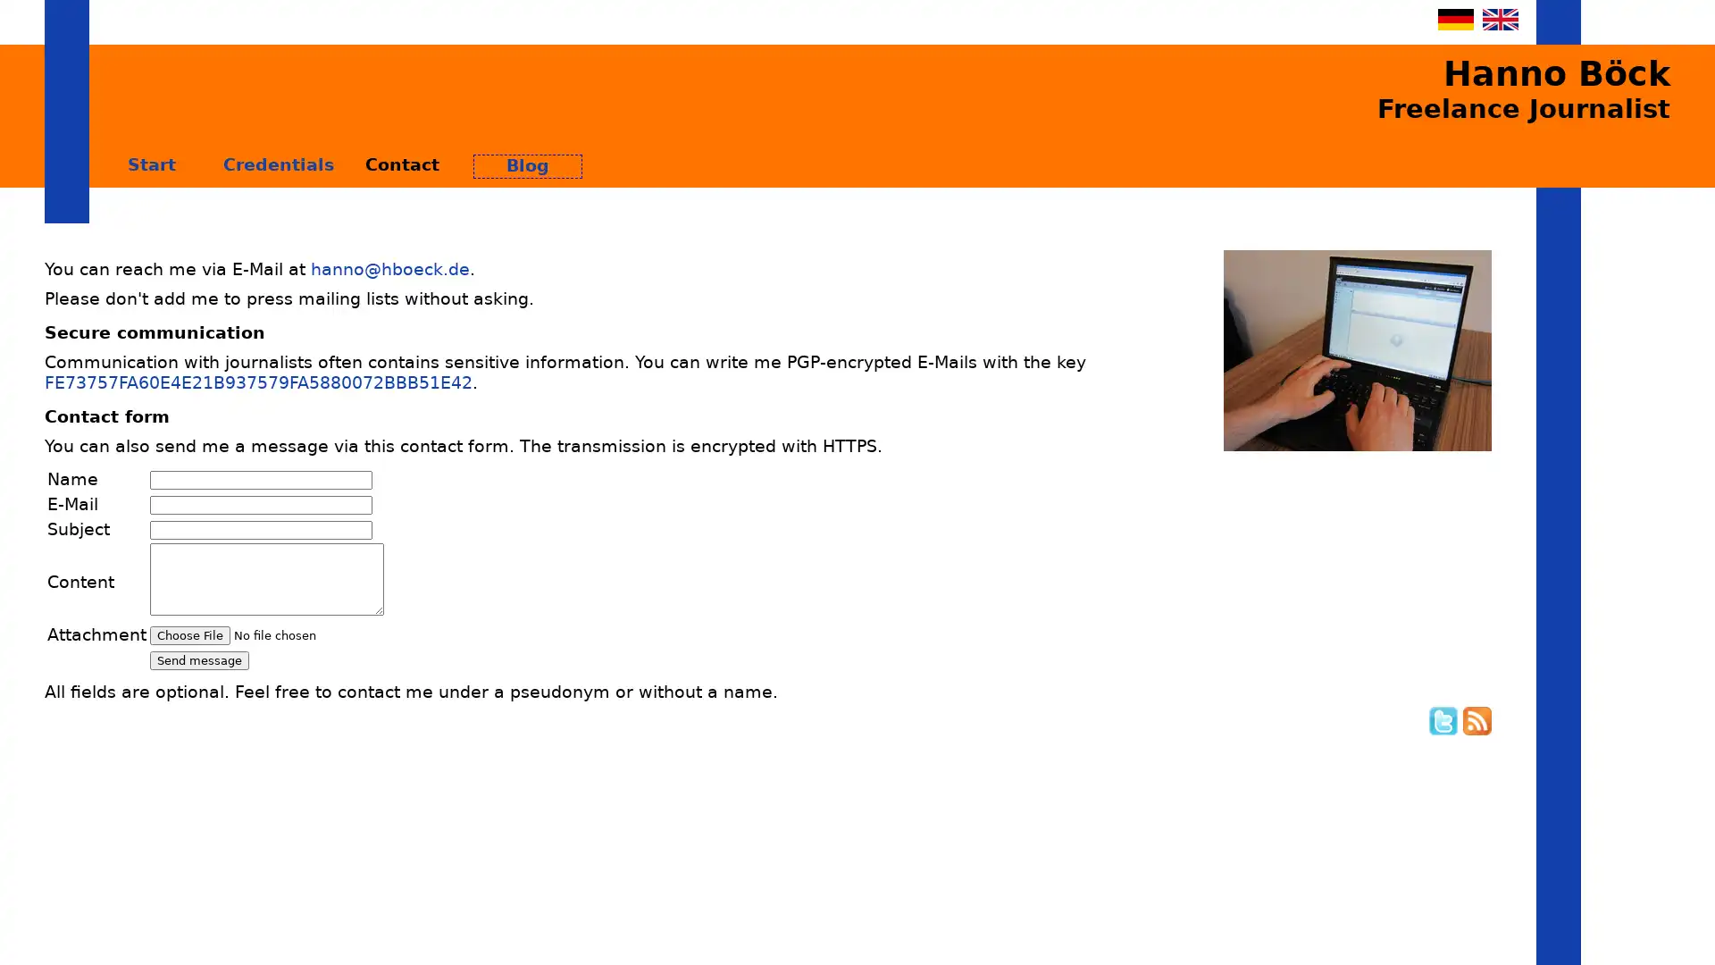 The image size is (1715, 965). Describe the element at coordinates (189, 634) in the screenshot. I see `Choose File` at that location.